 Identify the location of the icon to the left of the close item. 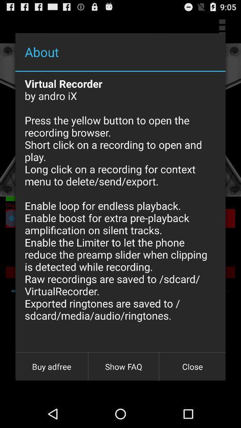
(123, 366).